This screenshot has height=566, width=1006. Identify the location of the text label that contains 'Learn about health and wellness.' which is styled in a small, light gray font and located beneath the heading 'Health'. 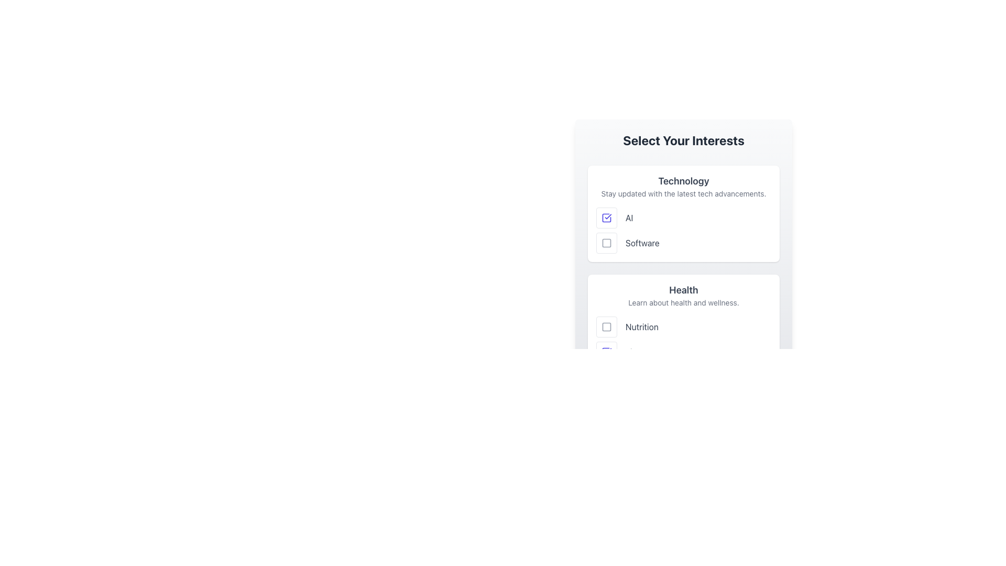
(684, 303).